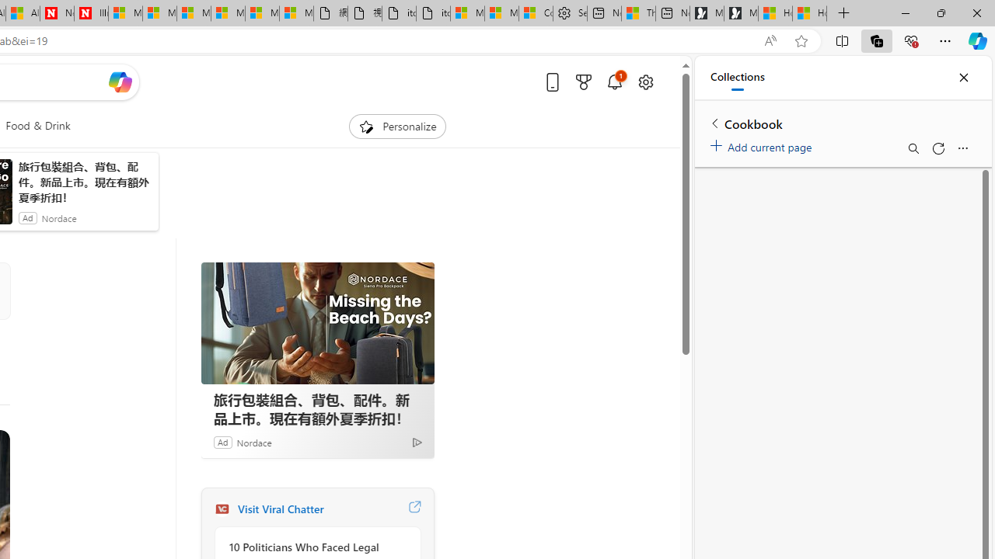  What do you see at coordinates (841, 40) in the screenshot?
I see `'Split screen'` at bounding box center [841, 40].